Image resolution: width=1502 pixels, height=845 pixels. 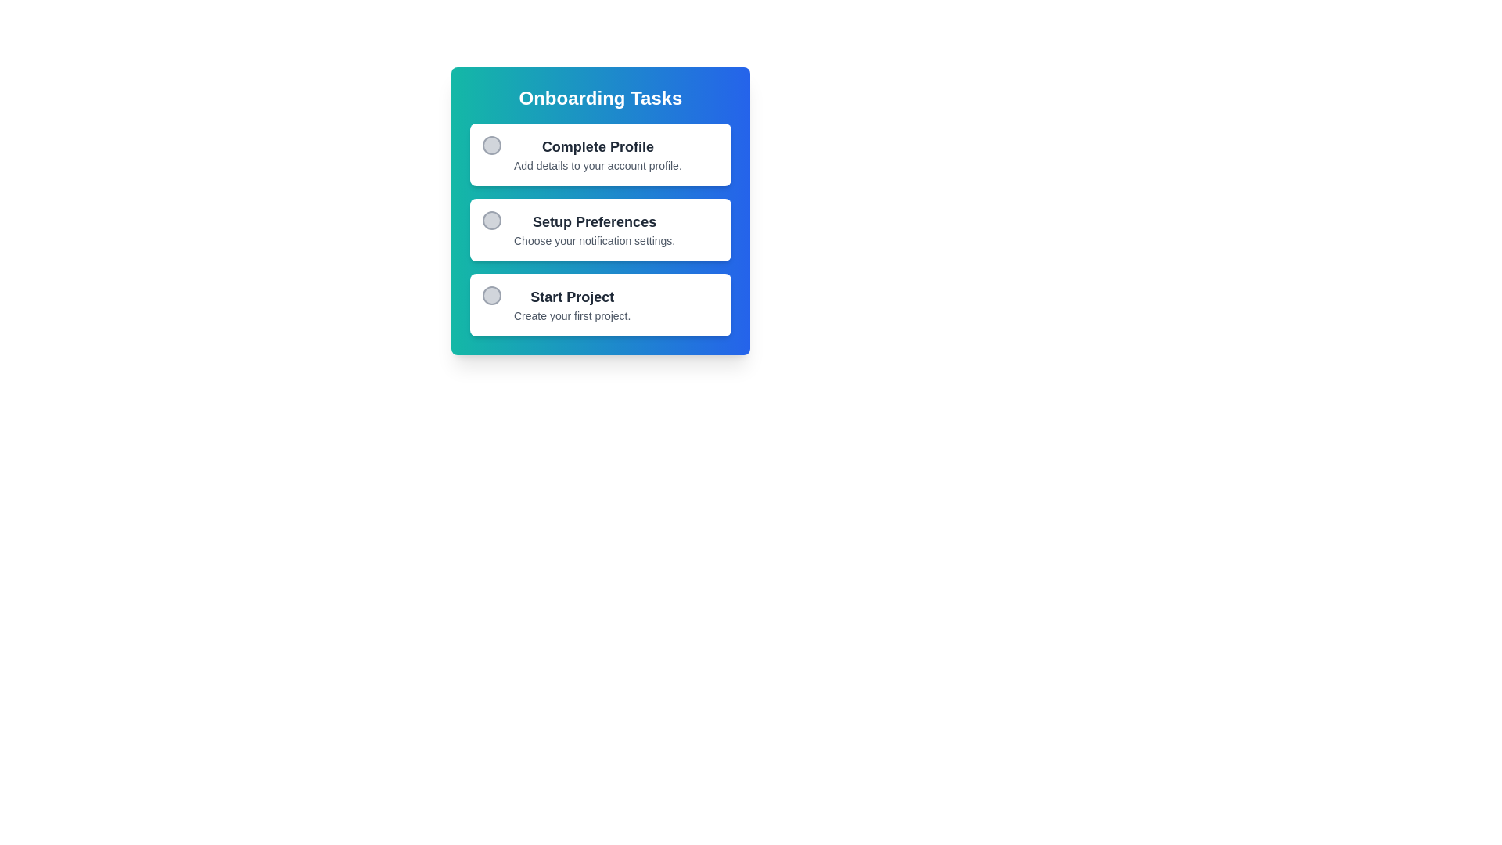 What do you see at coordinates (594, 241) in the screenshot?
I see `the static informative text displaying 'Choose your notification settings.' located below 'Setup Preferences' in the Onboarding Tasks section` at bounding box center [594, 241].